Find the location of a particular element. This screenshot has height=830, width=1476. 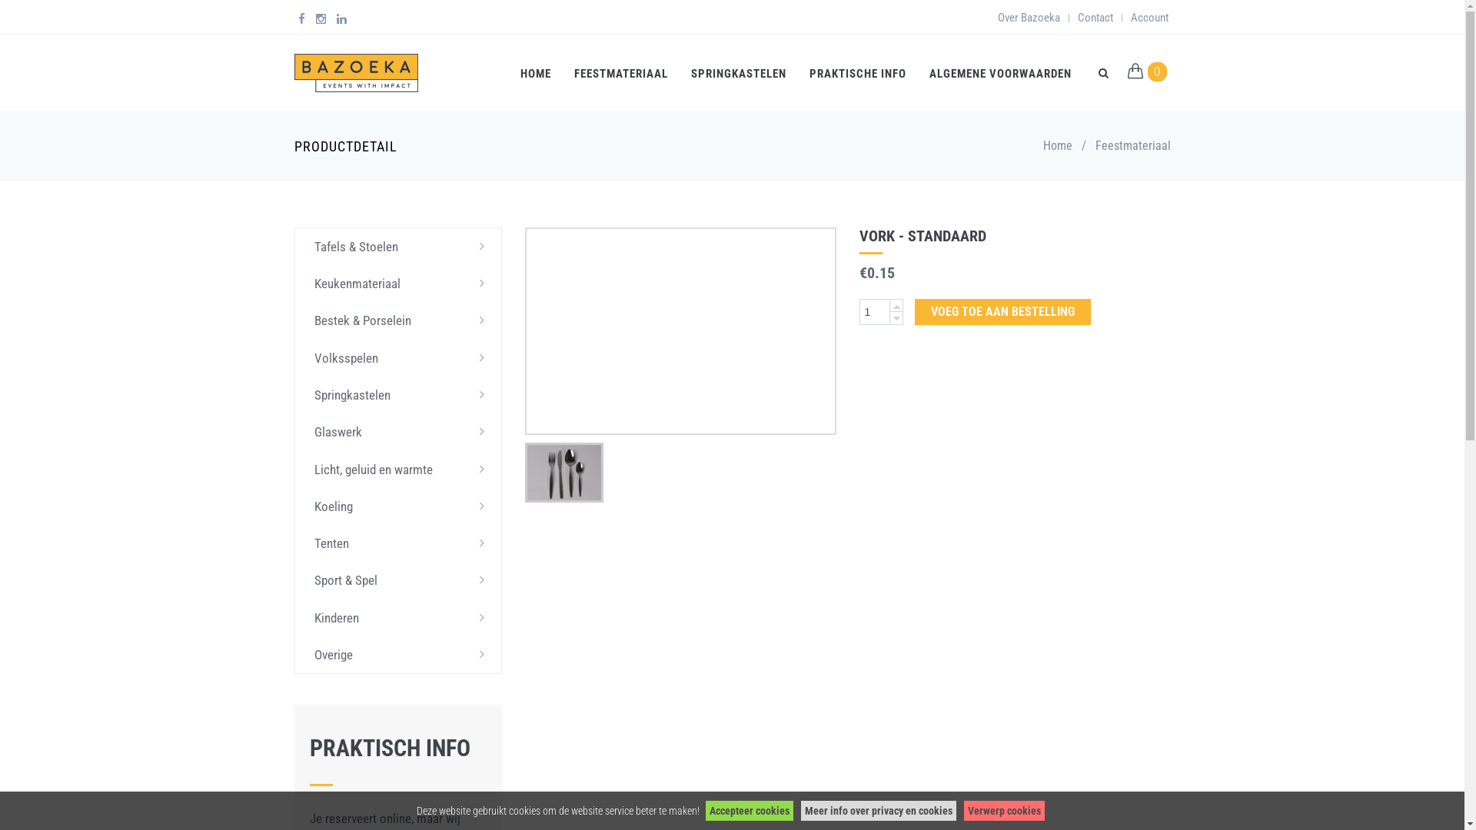

'Tafels & Stoelen' is located at coordinates (295, 245).